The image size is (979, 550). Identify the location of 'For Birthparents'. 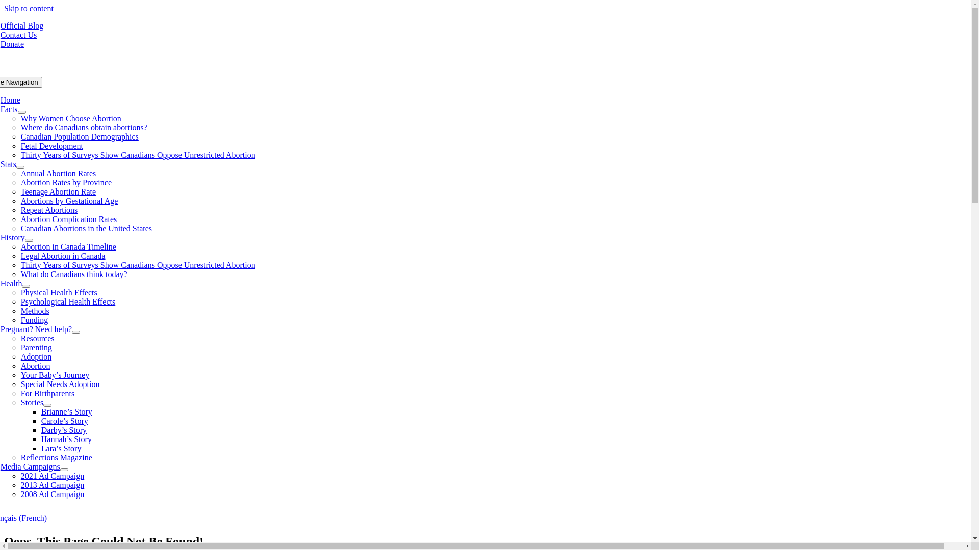
(47, 393).